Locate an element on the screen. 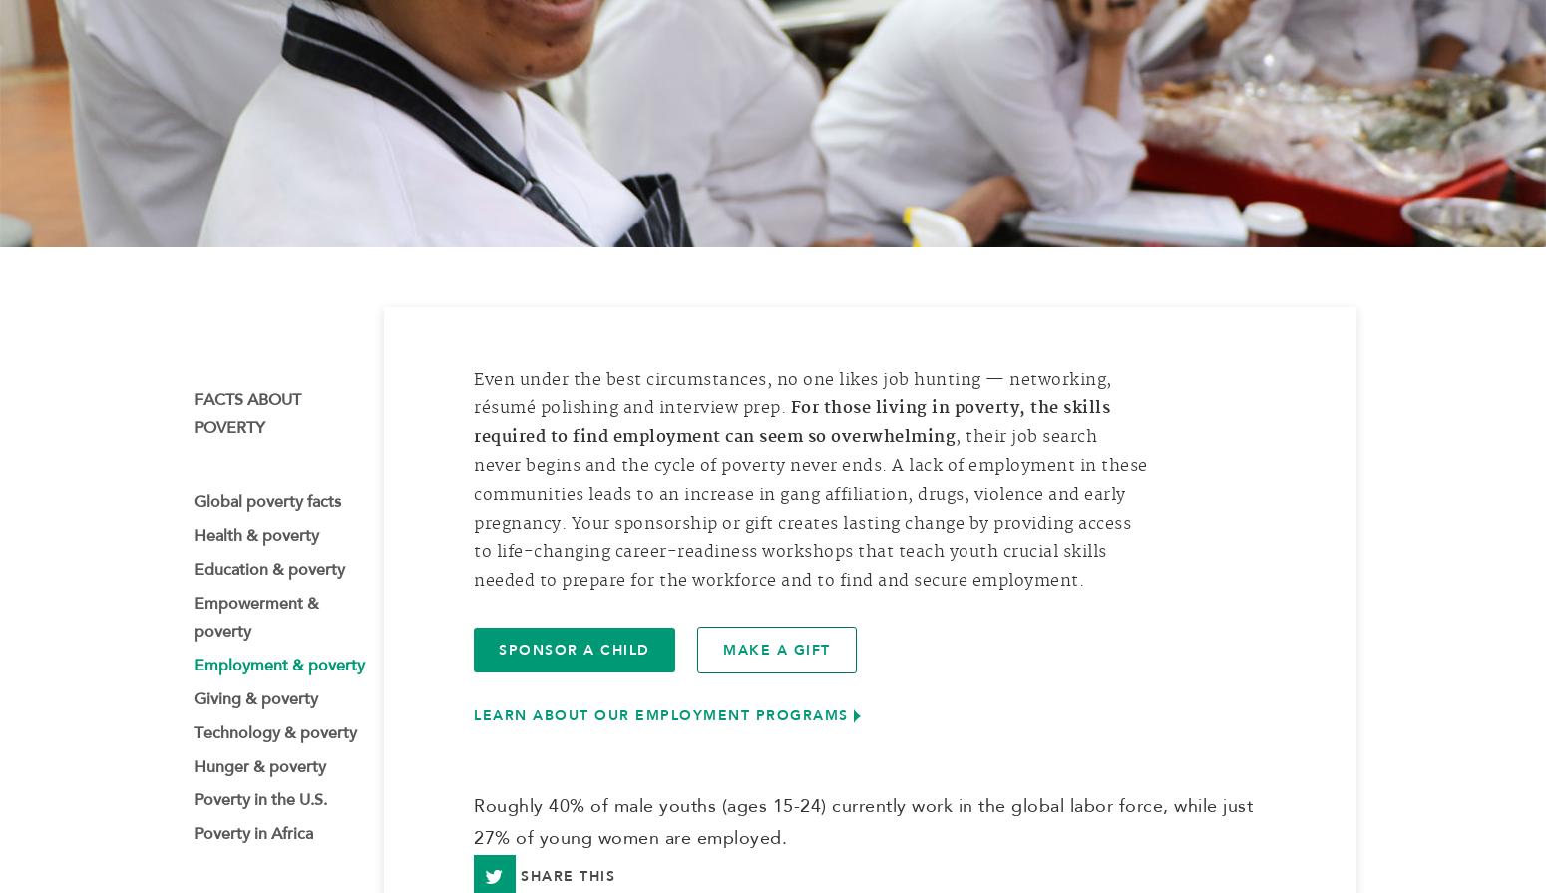 This screenshot has width=1546, height=893. 'Education & poverty' is located at coordinates (193, 576).